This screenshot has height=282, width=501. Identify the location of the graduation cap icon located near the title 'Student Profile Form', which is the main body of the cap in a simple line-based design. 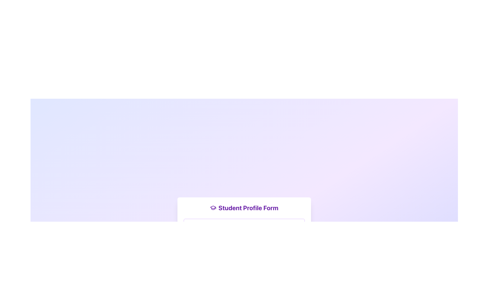
(213, 207).